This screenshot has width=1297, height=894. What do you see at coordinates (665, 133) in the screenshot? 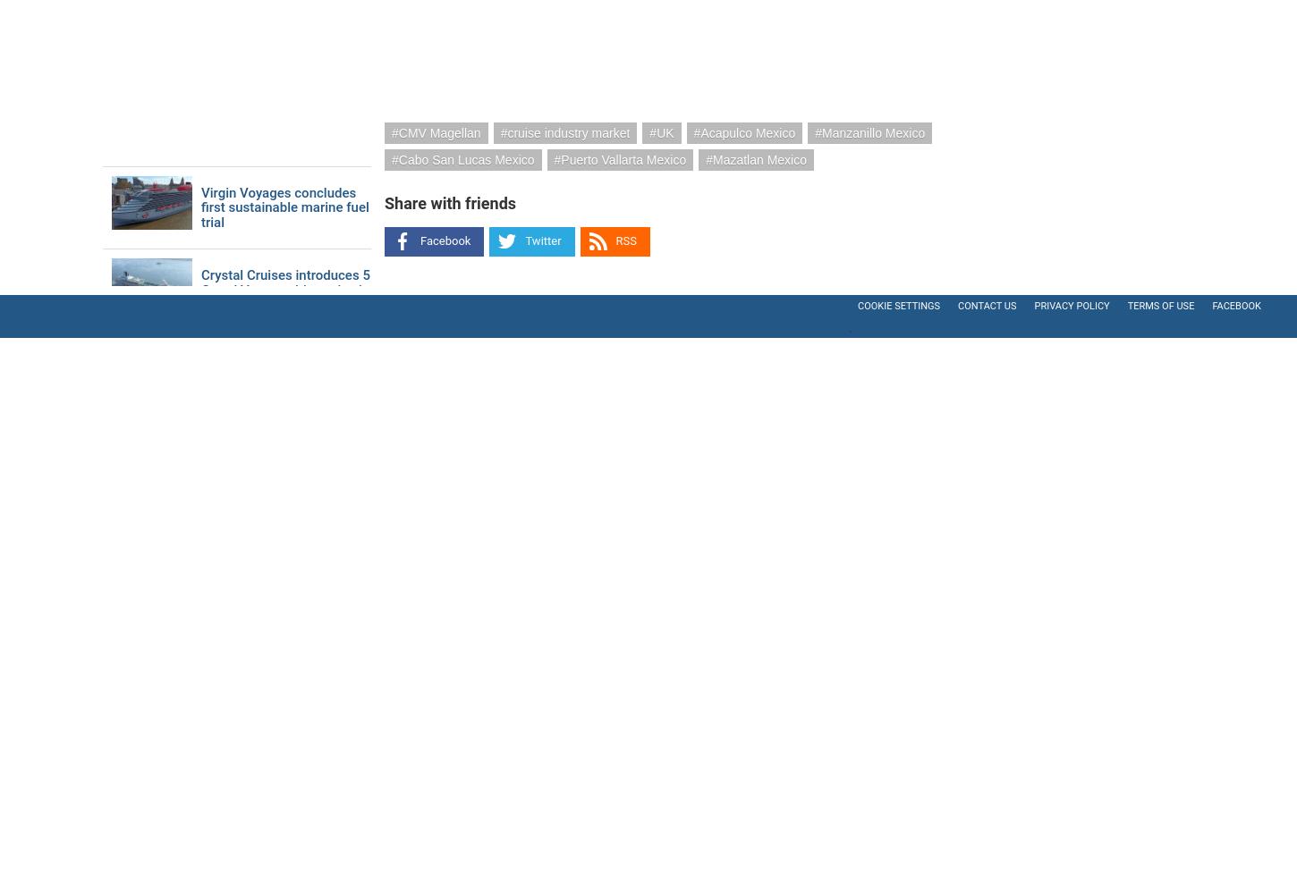
I see `'UK'` at bounding box center [665, 133].